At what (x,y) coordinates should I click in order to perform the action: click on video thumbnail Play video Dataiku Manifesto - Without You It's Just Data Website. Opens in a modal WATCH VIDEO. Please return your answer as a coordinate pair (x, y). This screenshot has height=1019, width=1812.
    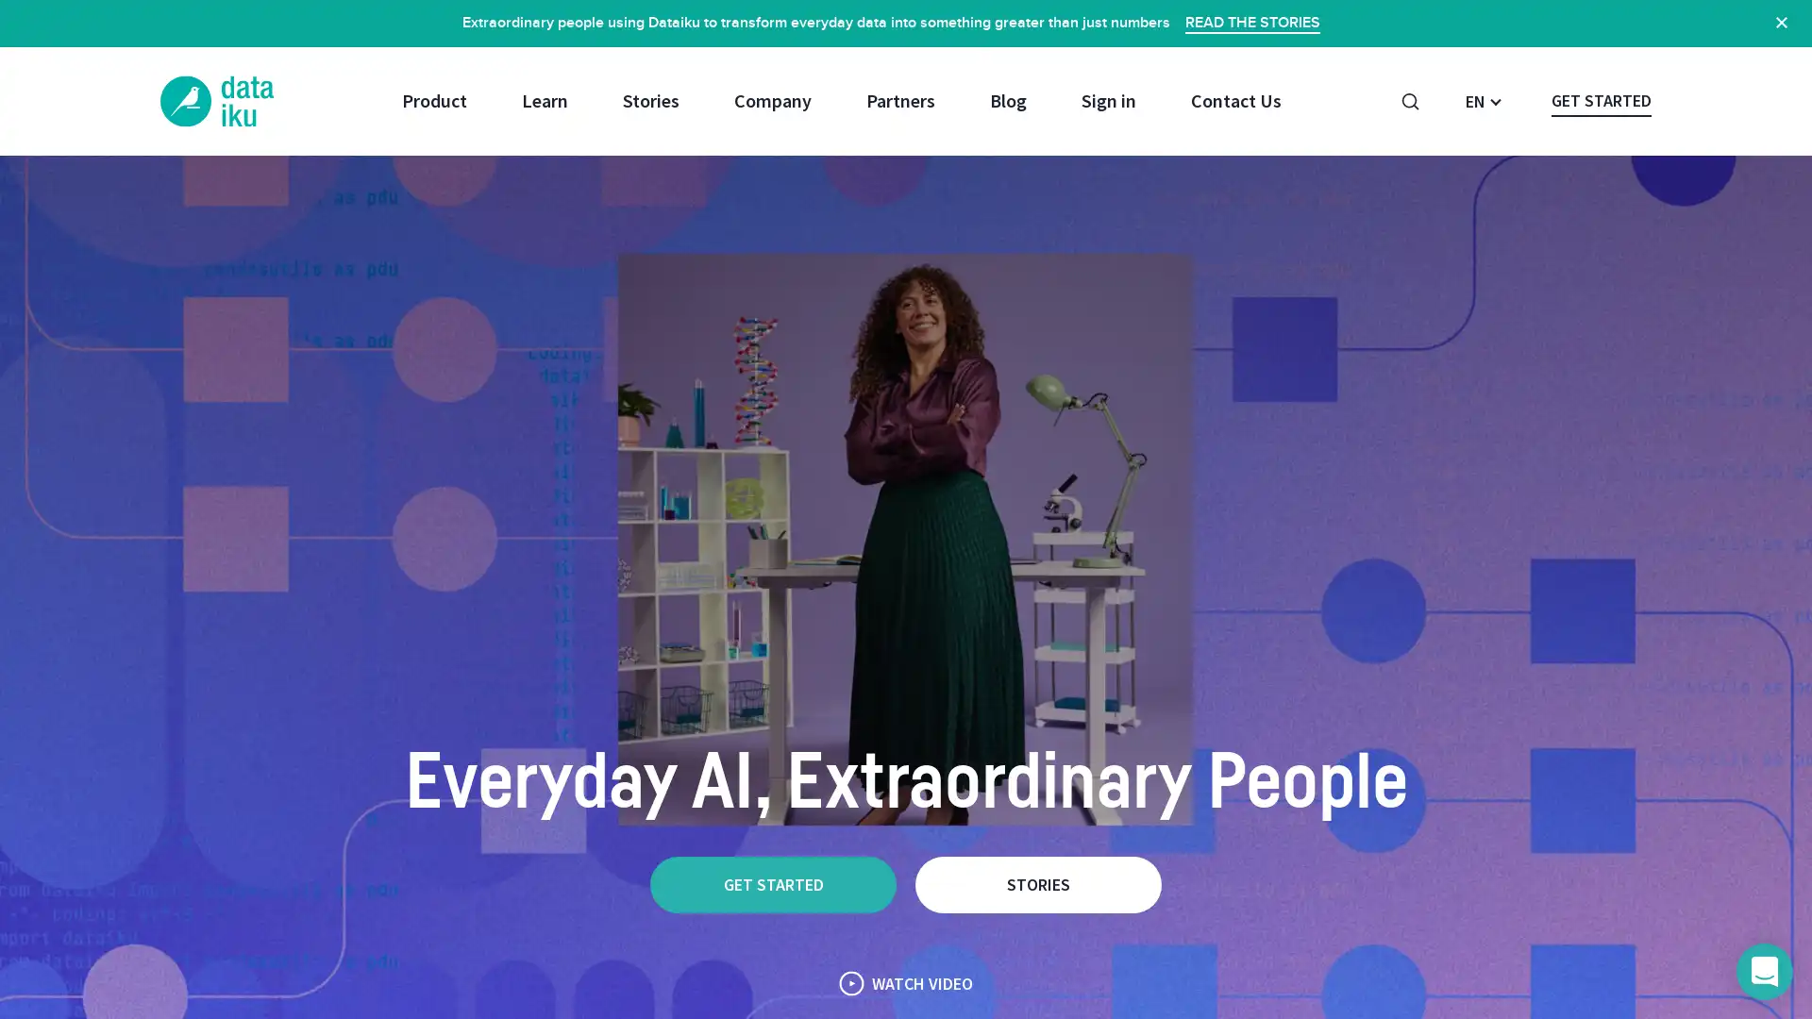
    Looking at the image, I should click on (906, 982).